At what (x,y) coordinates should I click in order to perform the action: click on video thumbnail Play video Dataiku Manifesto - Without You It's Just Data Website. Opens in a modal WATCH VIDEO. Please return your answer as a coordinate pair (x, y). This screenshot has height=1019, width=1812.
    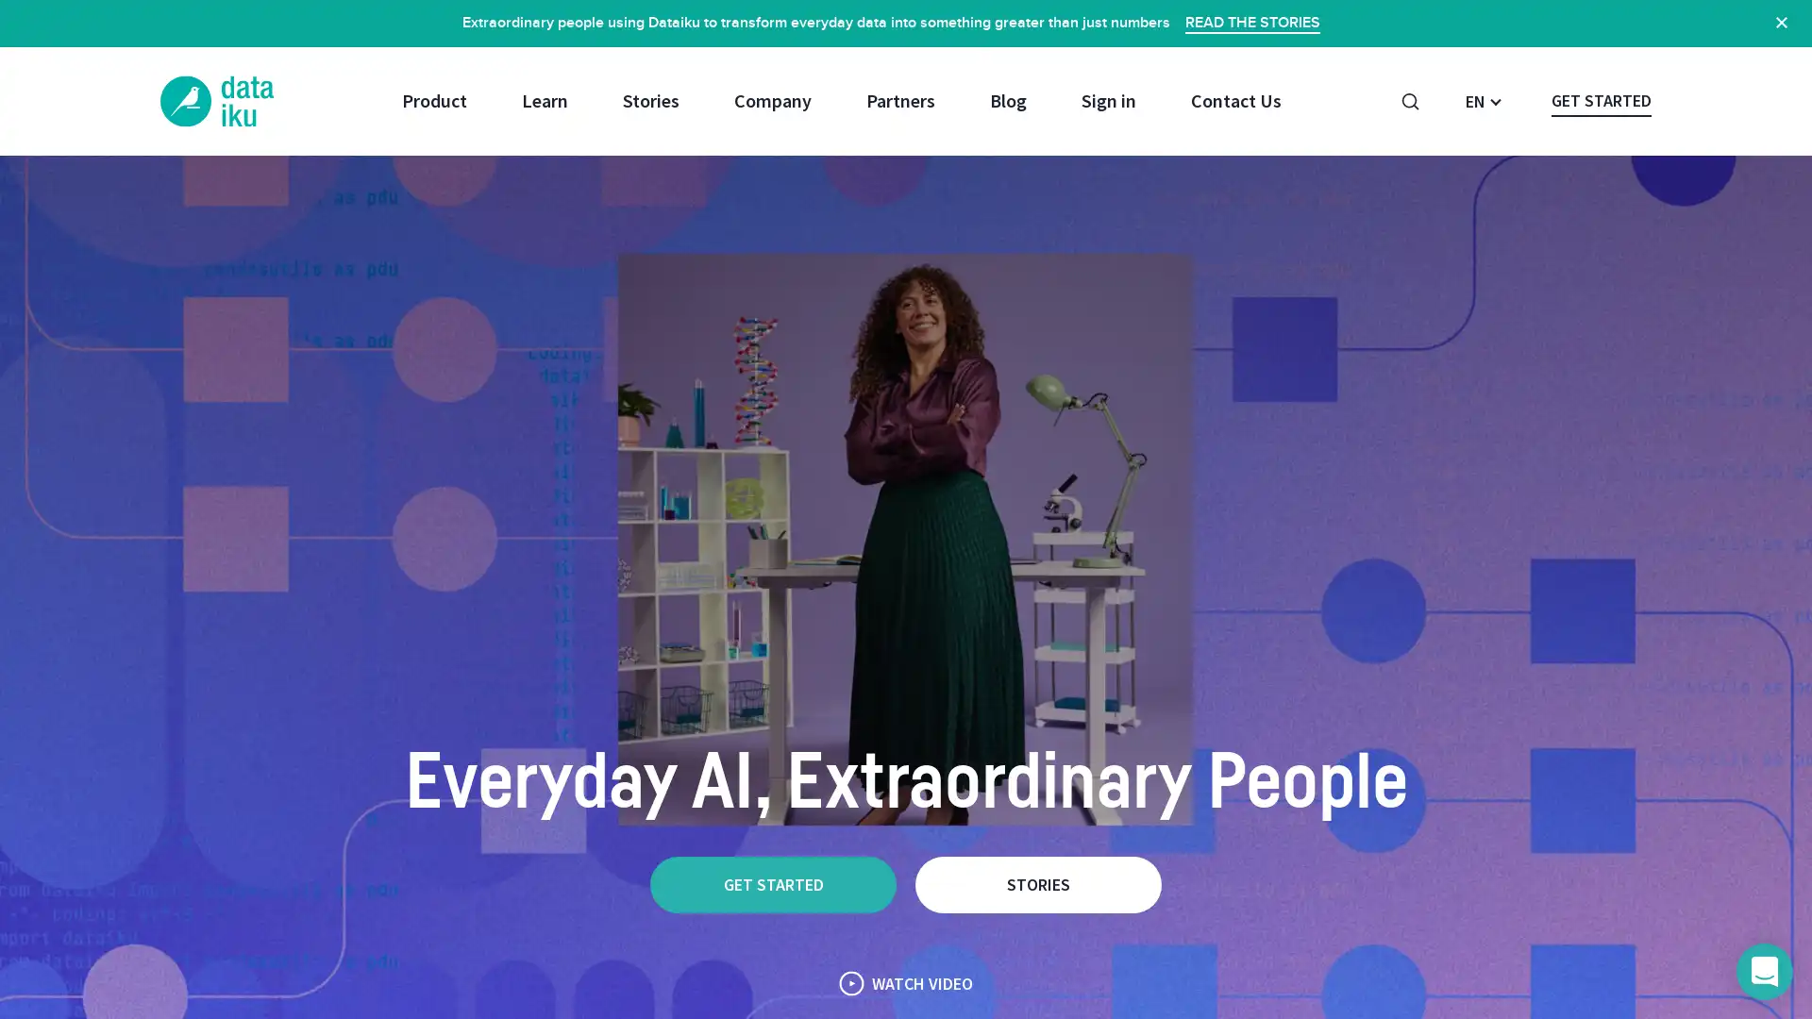
    Looking at the image, I should click on (906, 982).